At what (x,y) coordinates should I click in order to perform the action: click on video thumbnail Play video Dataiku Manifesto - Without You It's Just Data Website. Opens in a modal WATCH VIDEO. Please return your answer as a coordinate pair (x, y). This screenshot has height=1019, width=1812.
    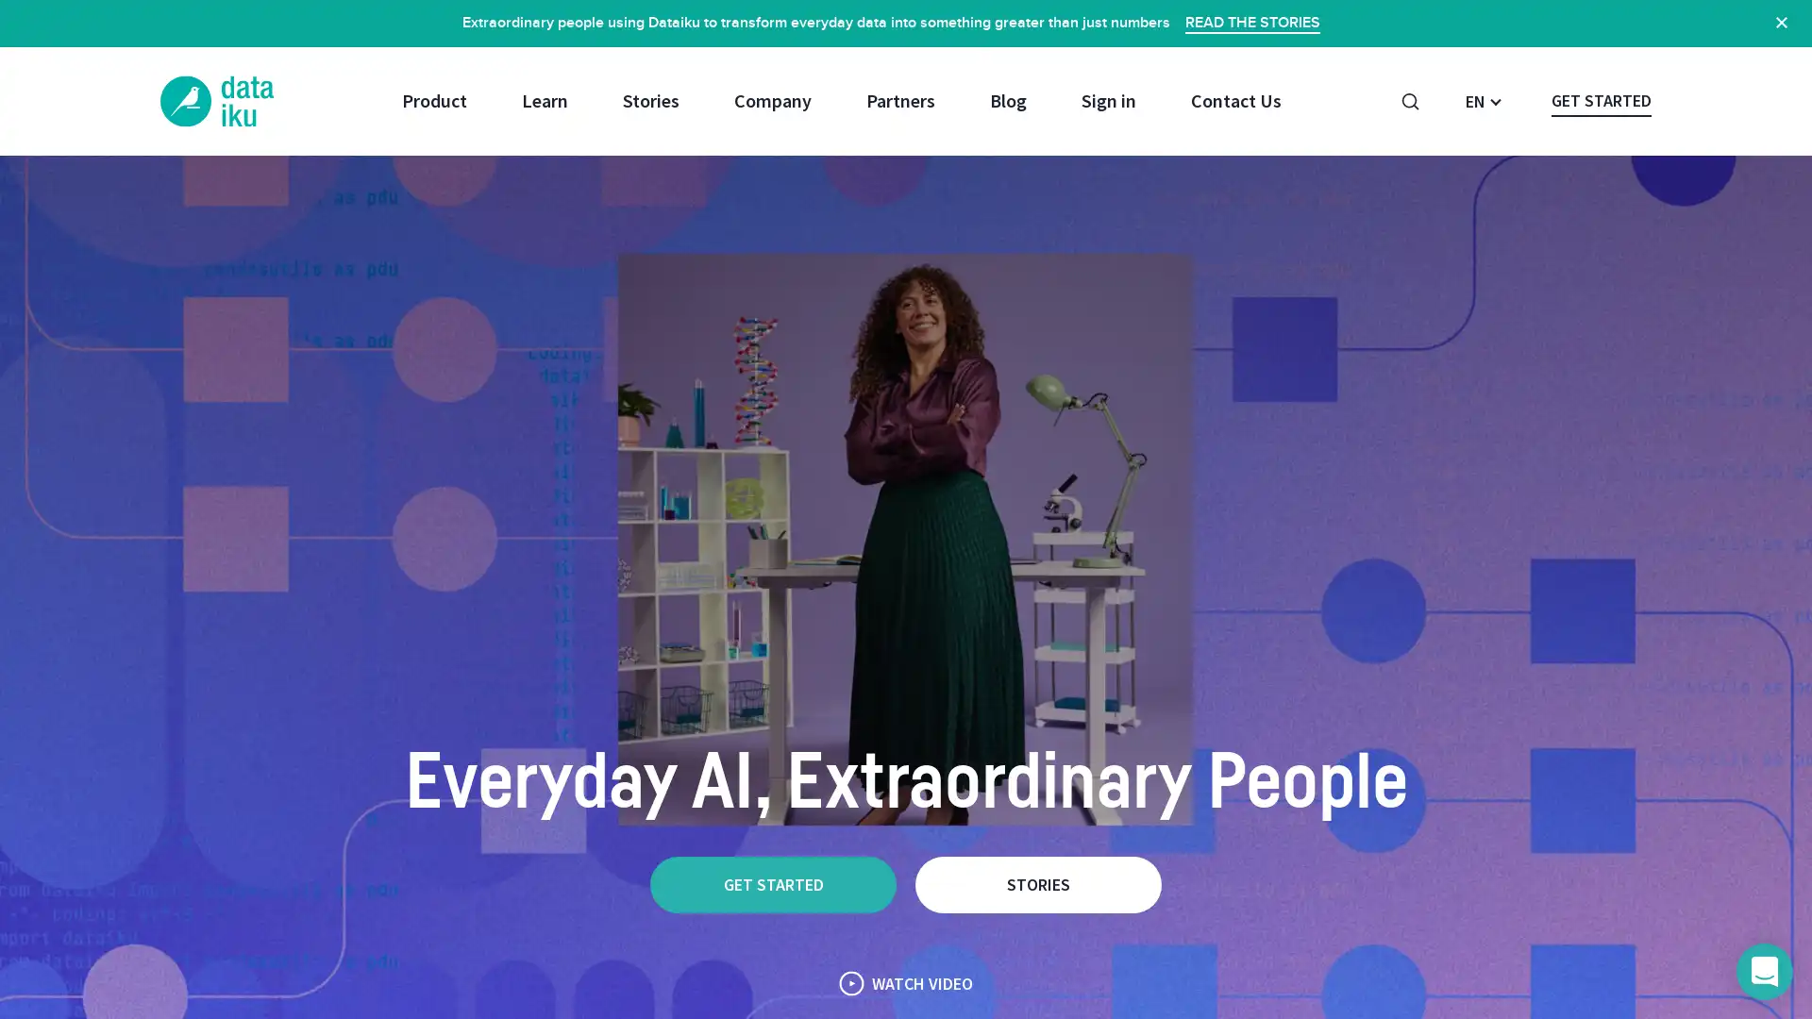
    Looking at the image, I should click on (906, 982).